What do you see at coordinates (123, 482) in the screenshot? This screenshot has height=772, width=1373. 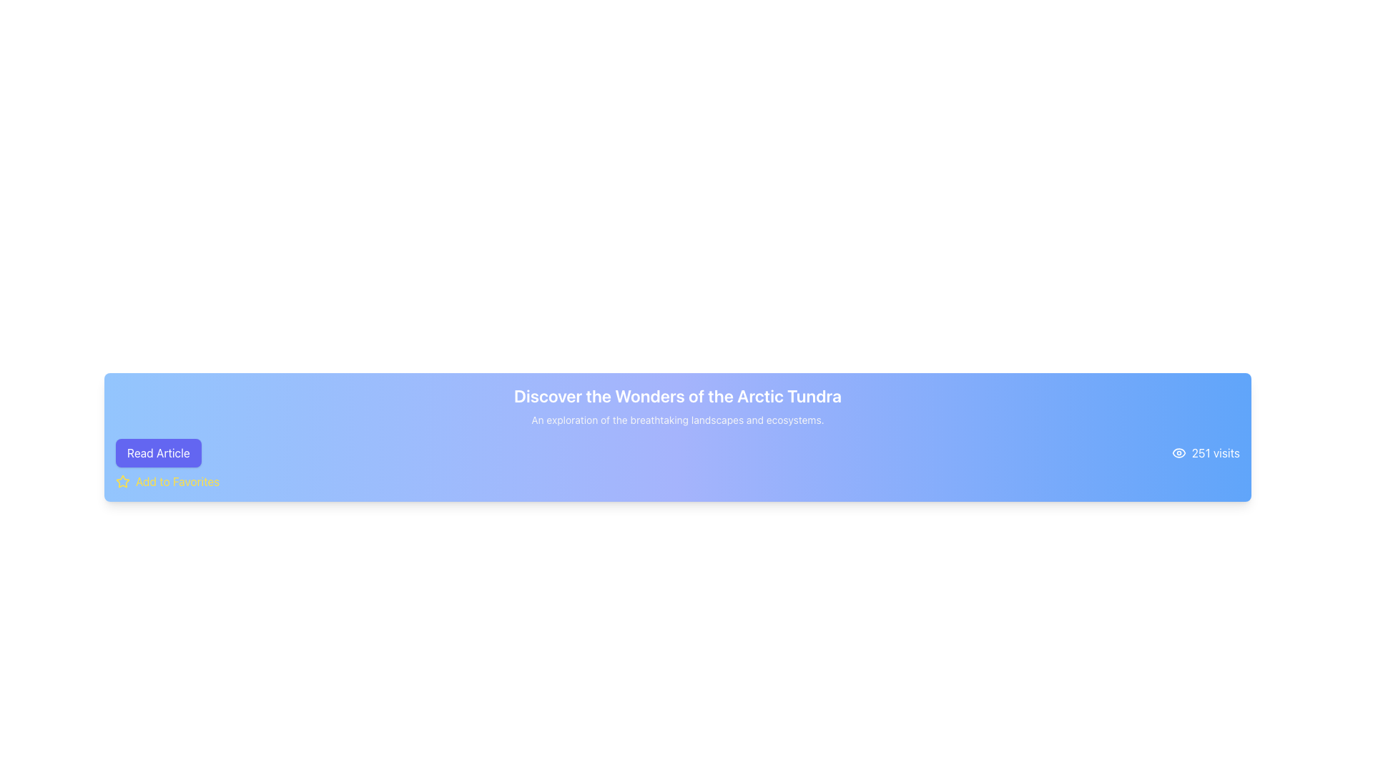 I see `the star icon with a yellow outline located to the left of the 'Add to Favorites' text in the bottom part of the interface` at bounding box center [123, 482].